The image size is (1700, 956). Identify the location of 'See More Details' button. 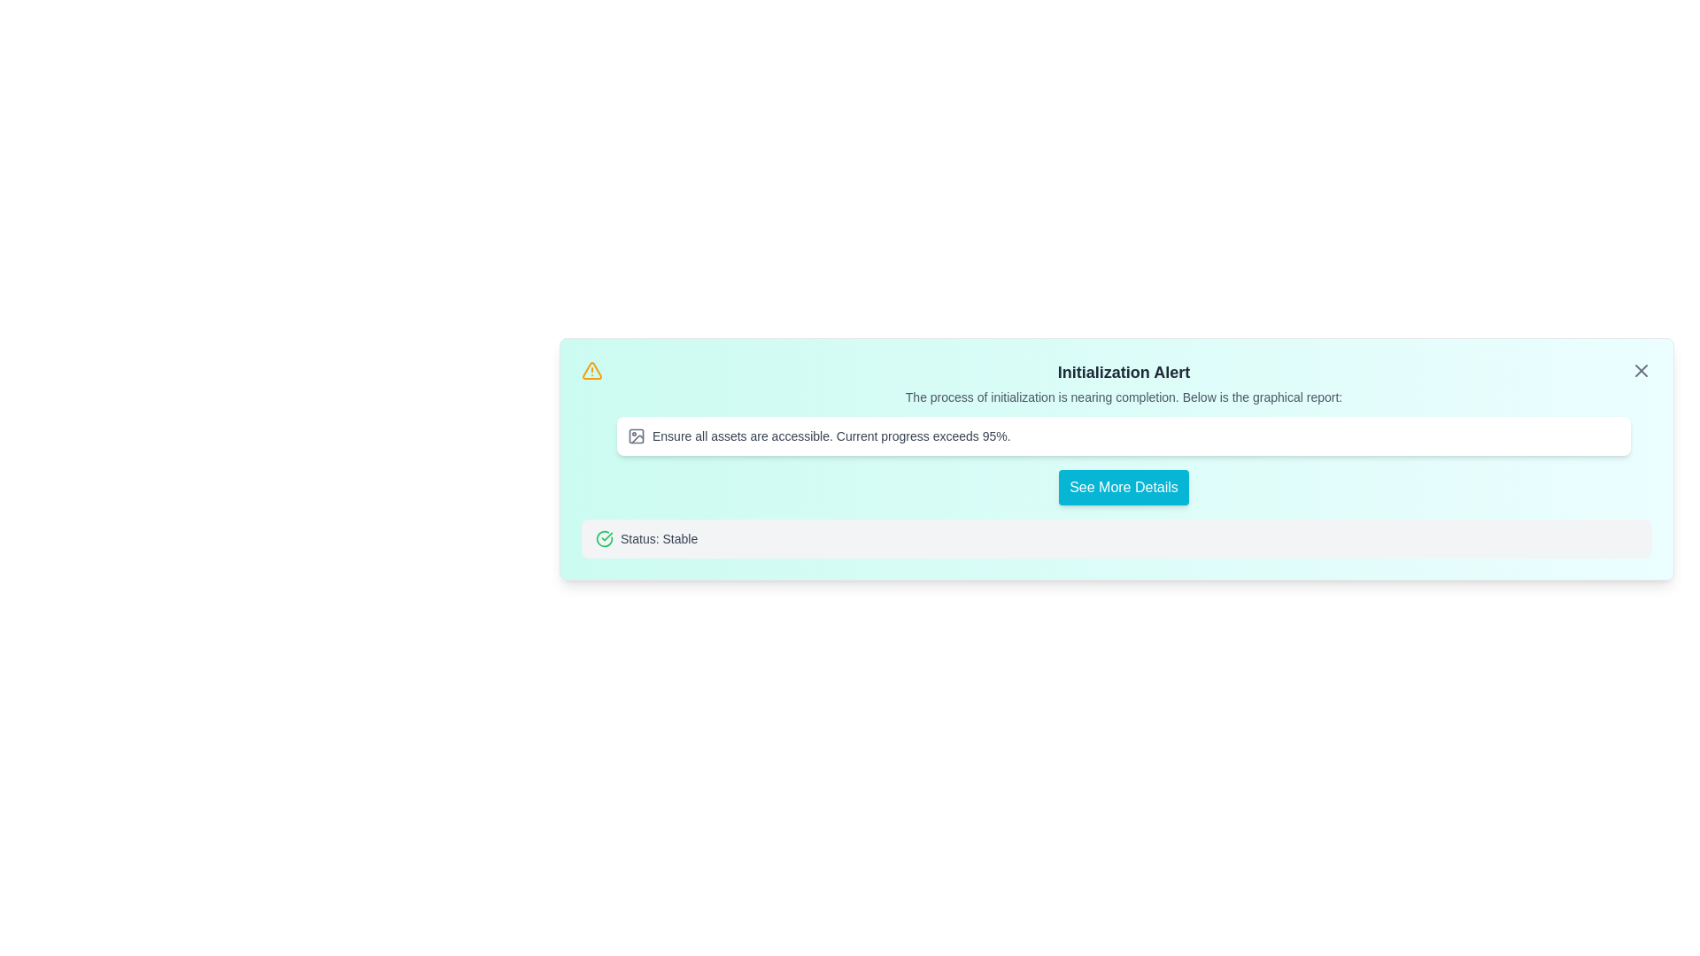
(1123, 488).